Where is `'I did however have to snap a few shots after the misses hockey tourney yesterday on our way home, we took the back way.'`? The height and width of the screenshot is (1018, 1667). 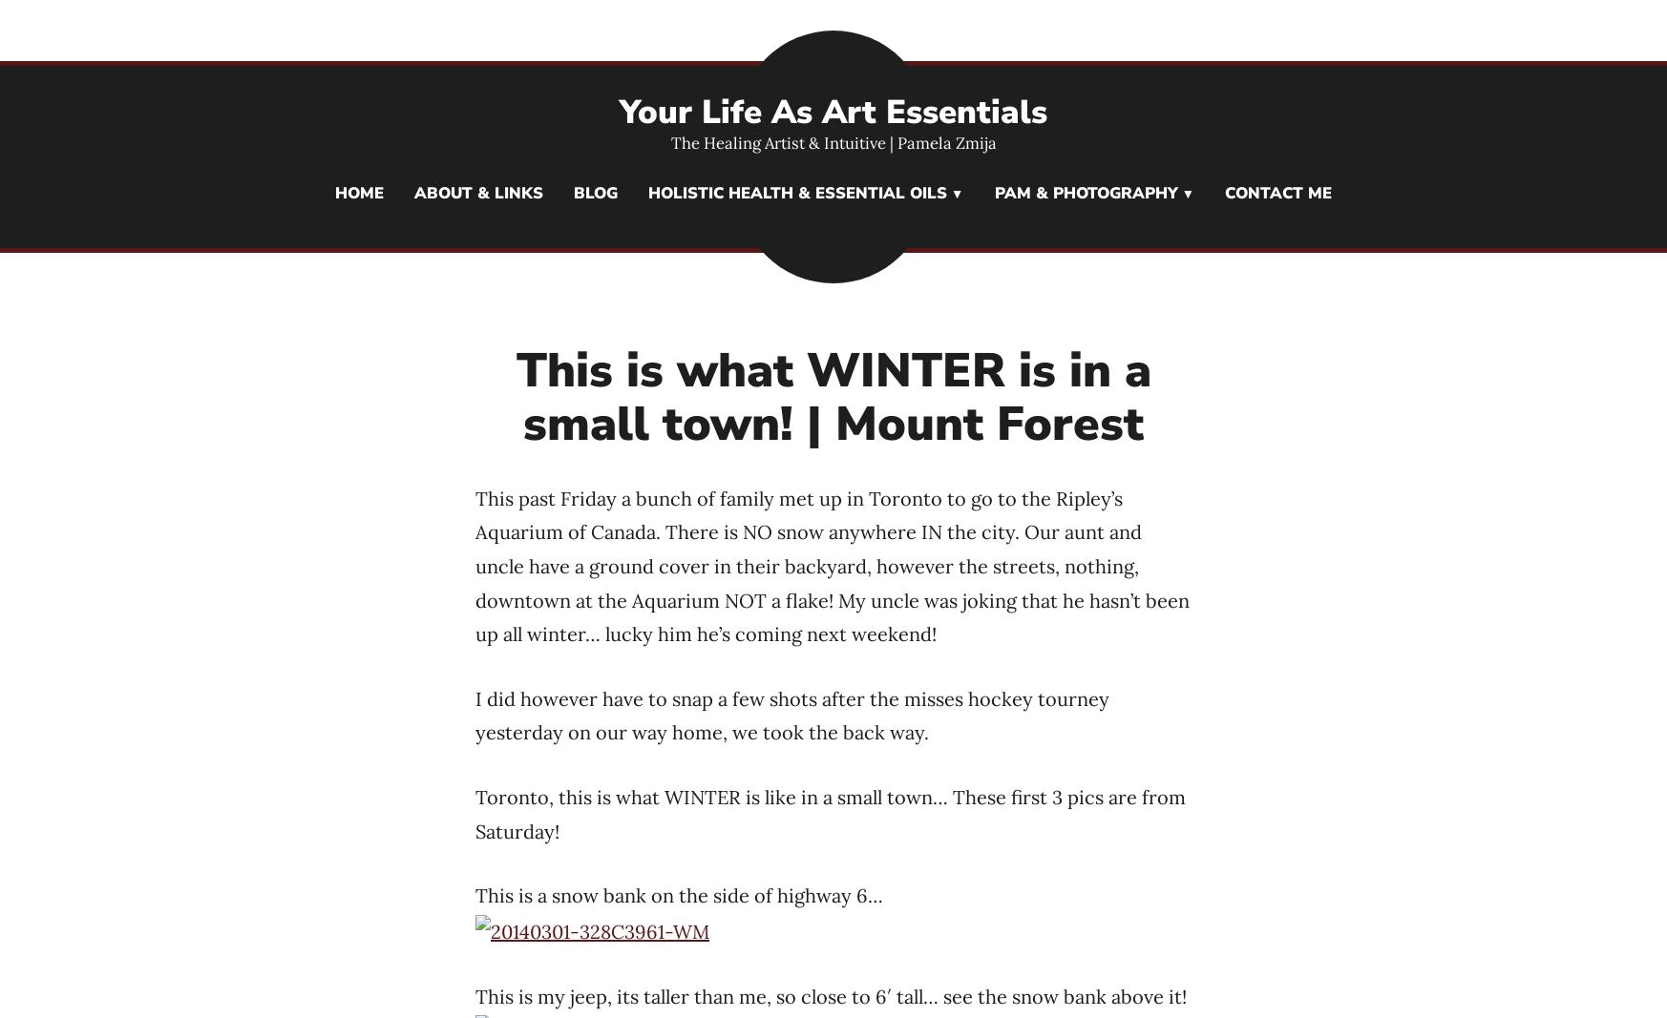
'I did however have to snap a few shots after the misses hockey tourney yesterday on our way home, we took the back way.' is located at coordinates (792, 714).